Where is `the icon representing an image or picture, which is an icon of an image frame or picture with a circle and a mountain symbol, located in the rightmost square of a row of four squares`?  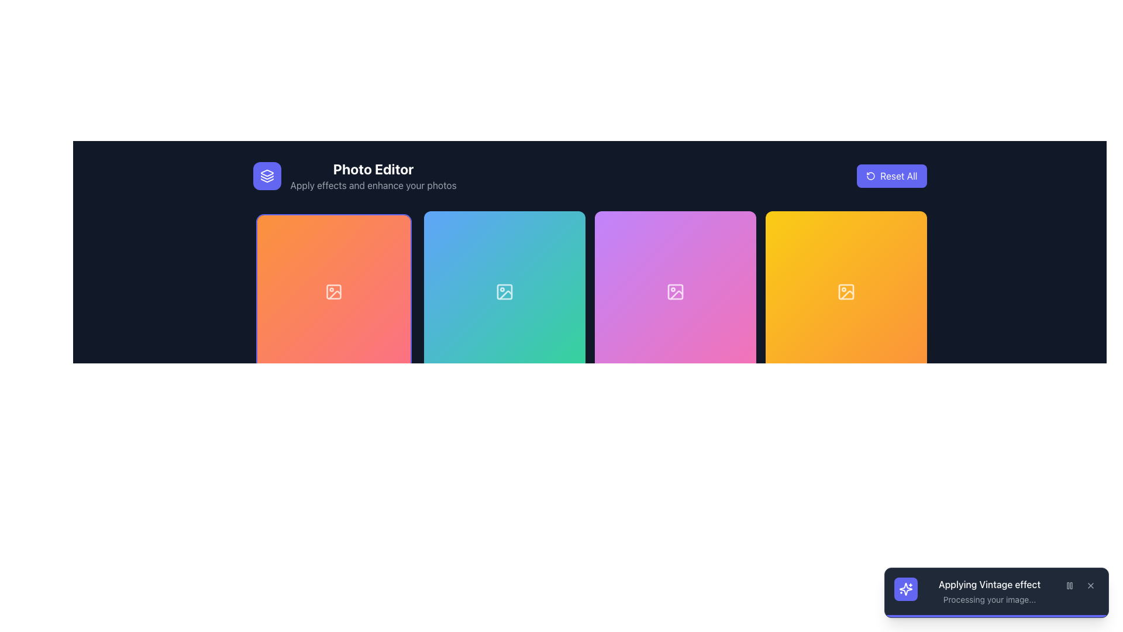
the icon representing an image or picture, which is an icon of an image frame or picture with a circle and a mountain symbol, located in the rightmost square of a row of four squares is located at coordinates (846, 291).